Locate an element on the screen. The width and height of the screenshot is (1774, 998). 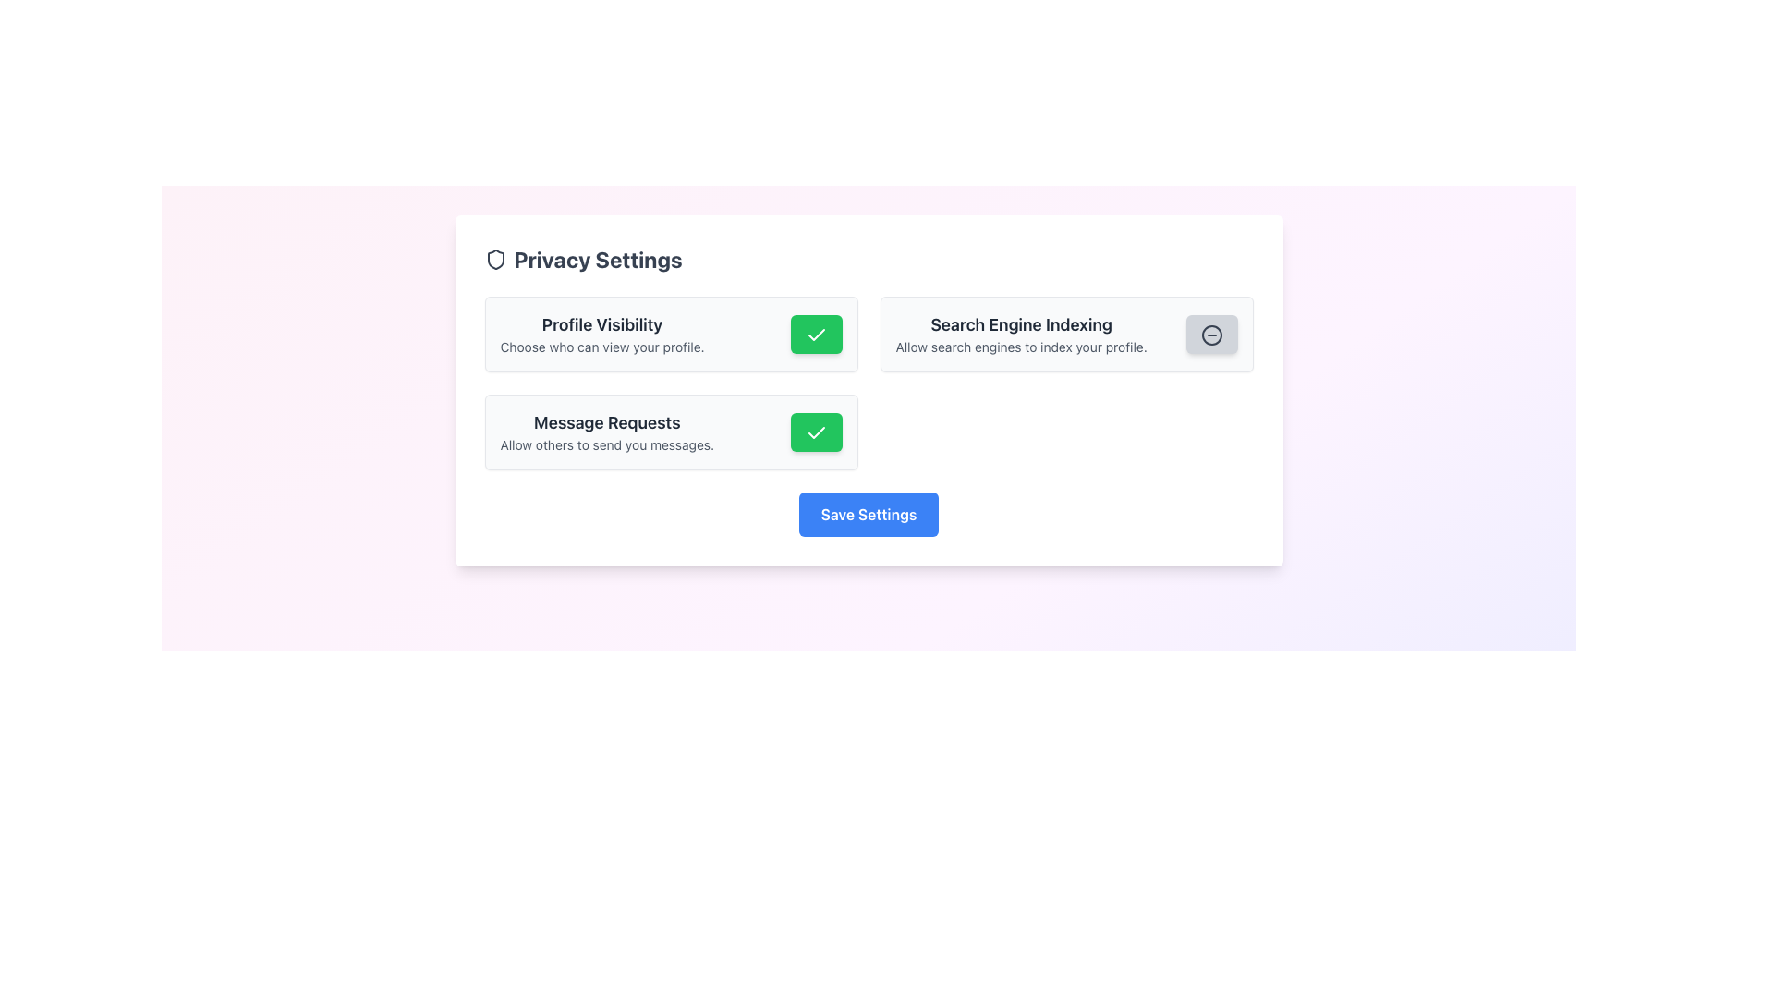
the toggle button located in the top-right corner of the second block under the 'Message Requests' section in the 'Privacy Settings' interface is located at coordinates (815, 432).